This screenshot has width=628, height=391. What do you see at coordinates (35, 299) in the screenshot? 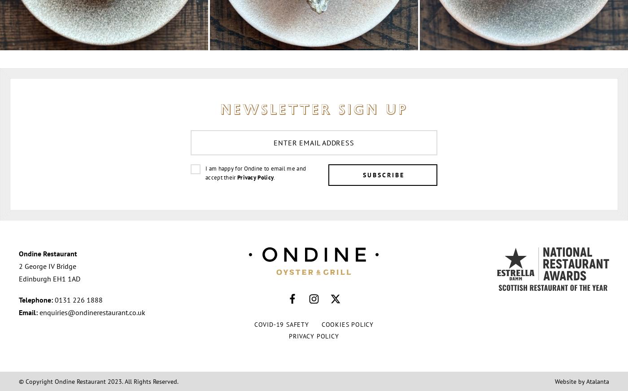
I see `'Telephone:'` at bounding box center [35, 299].